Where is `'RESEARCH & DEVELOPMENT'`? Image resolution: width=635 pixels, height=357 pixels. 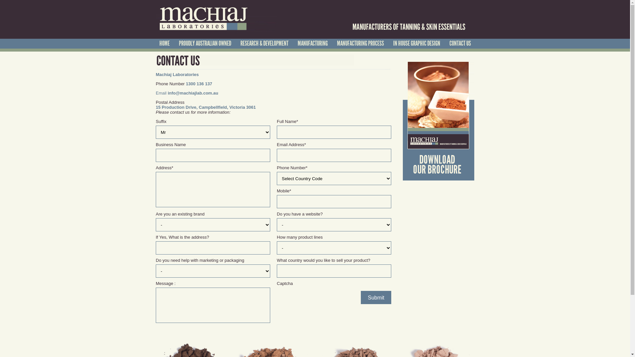 'RESEARCH & DEVELOPMENT' is located at coordinates (264, 43).